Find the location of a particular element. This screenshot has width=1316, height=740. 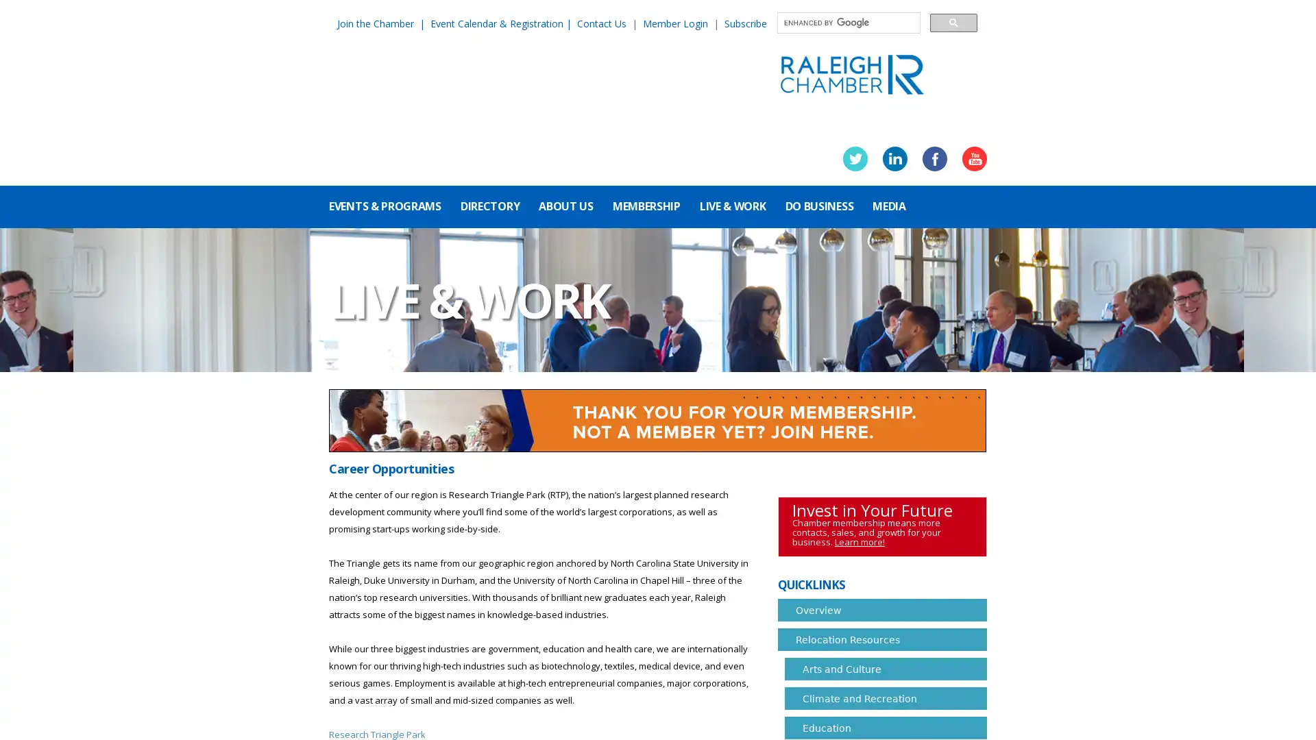

search is located at coordinates (953, 22).